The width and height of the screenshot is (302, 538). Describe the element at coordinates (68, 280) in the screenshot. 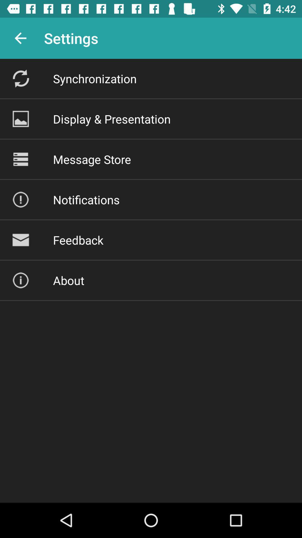

I see `about icon` at that location.